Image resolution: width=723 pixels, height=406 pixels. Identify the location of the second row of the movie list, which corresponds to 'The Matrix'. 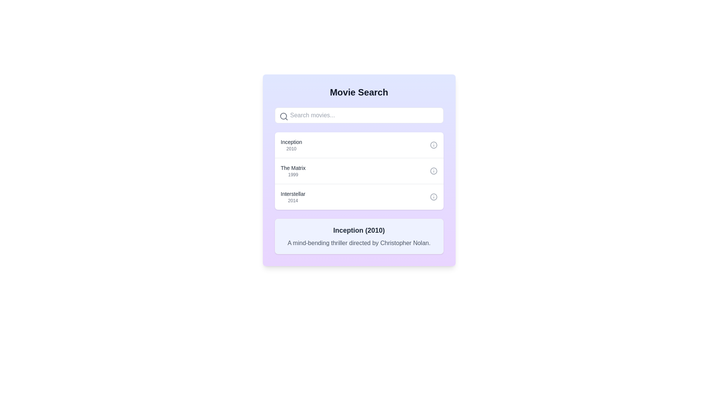
(358, 171).